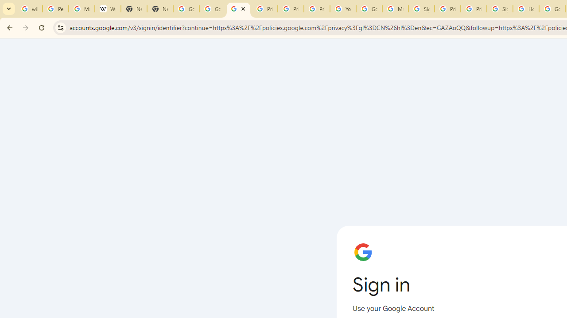 Image resolution: width=567 pixels, height=318 pixels. What do you see at coordinates (82, 9) in the screenshot?
I see `'Manage your Location History - Google Search Help'` at bounding box center [82, 9].